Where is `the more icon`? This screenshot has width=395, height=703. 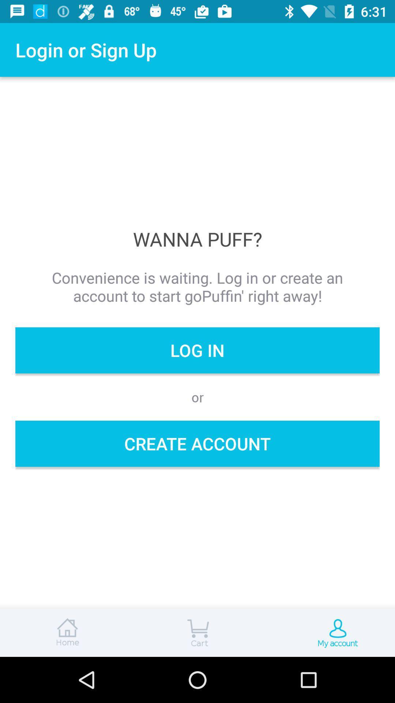 the more icon is located at coordinates (197, 632).